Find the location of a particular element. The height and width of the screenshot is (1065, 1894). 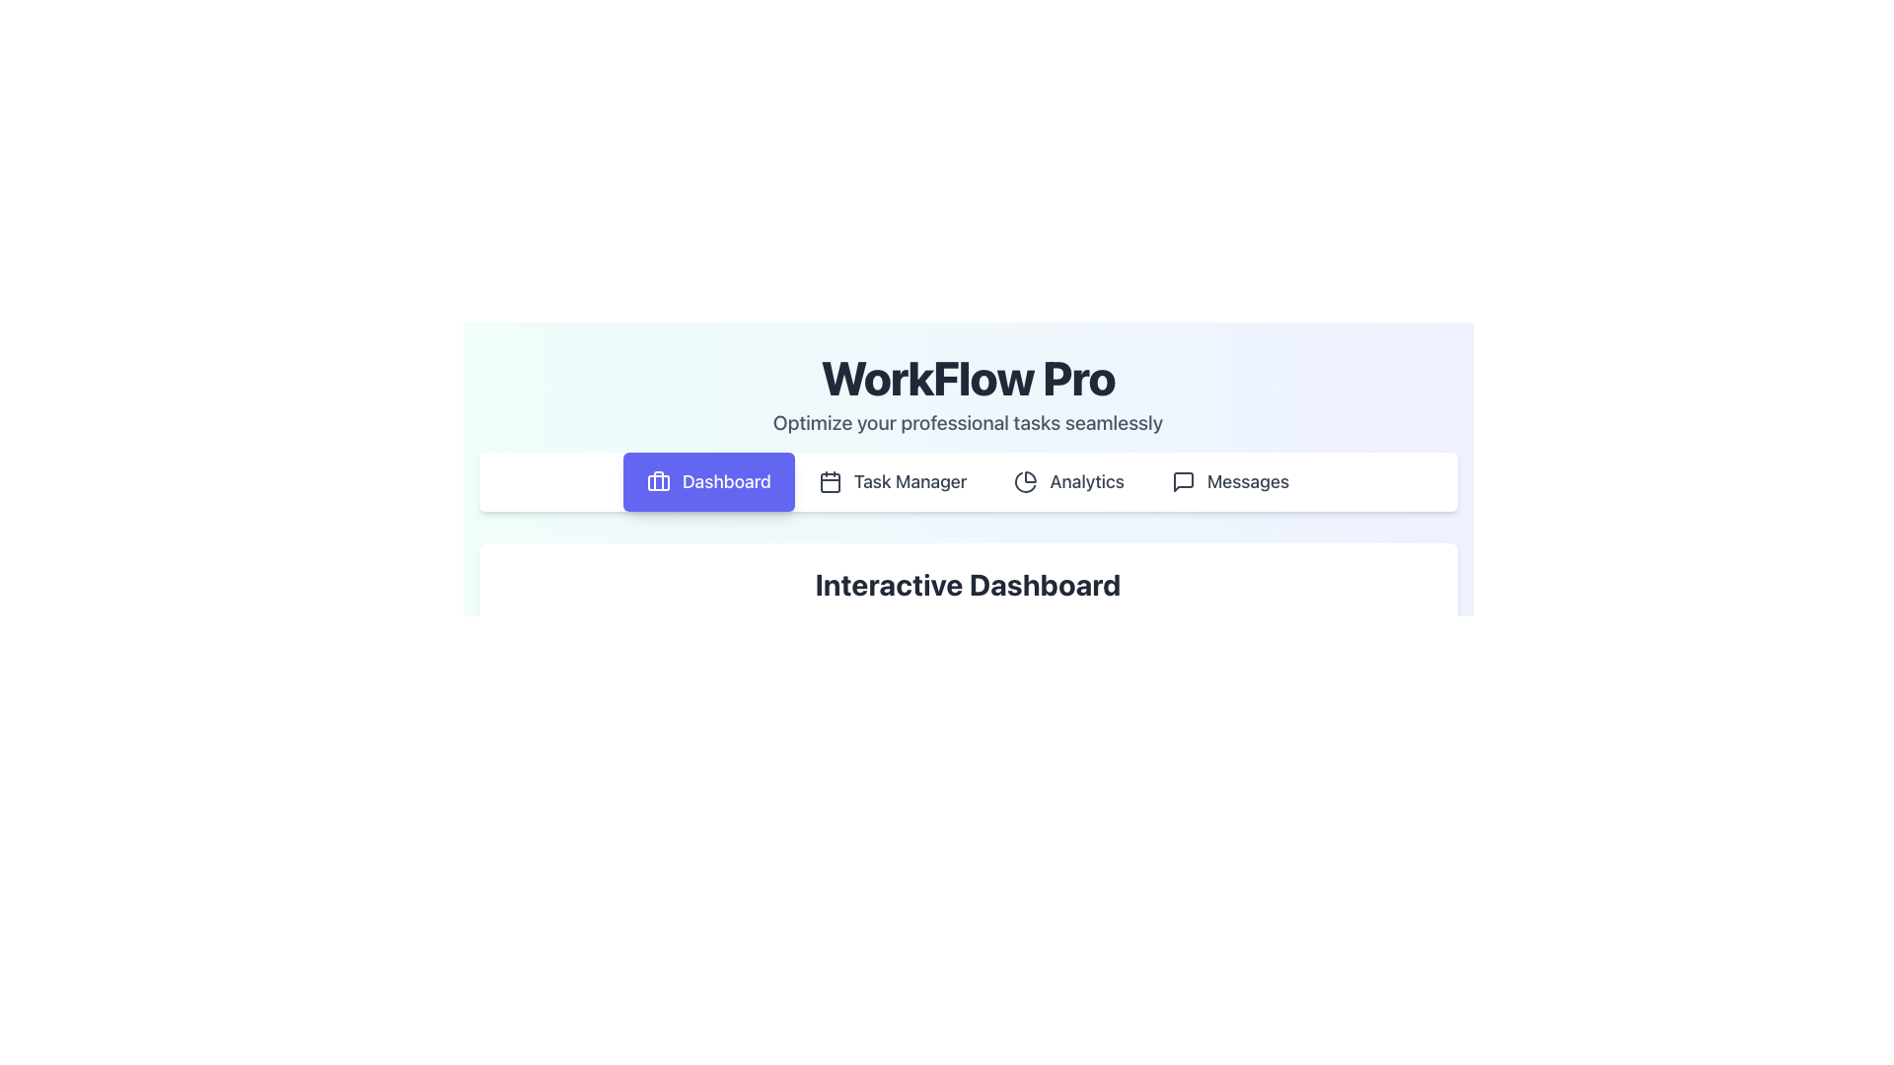

the Messages tab icon in the navigation bar, which serves as an indicator for messaging activities is located at coordinates (1183, 482).